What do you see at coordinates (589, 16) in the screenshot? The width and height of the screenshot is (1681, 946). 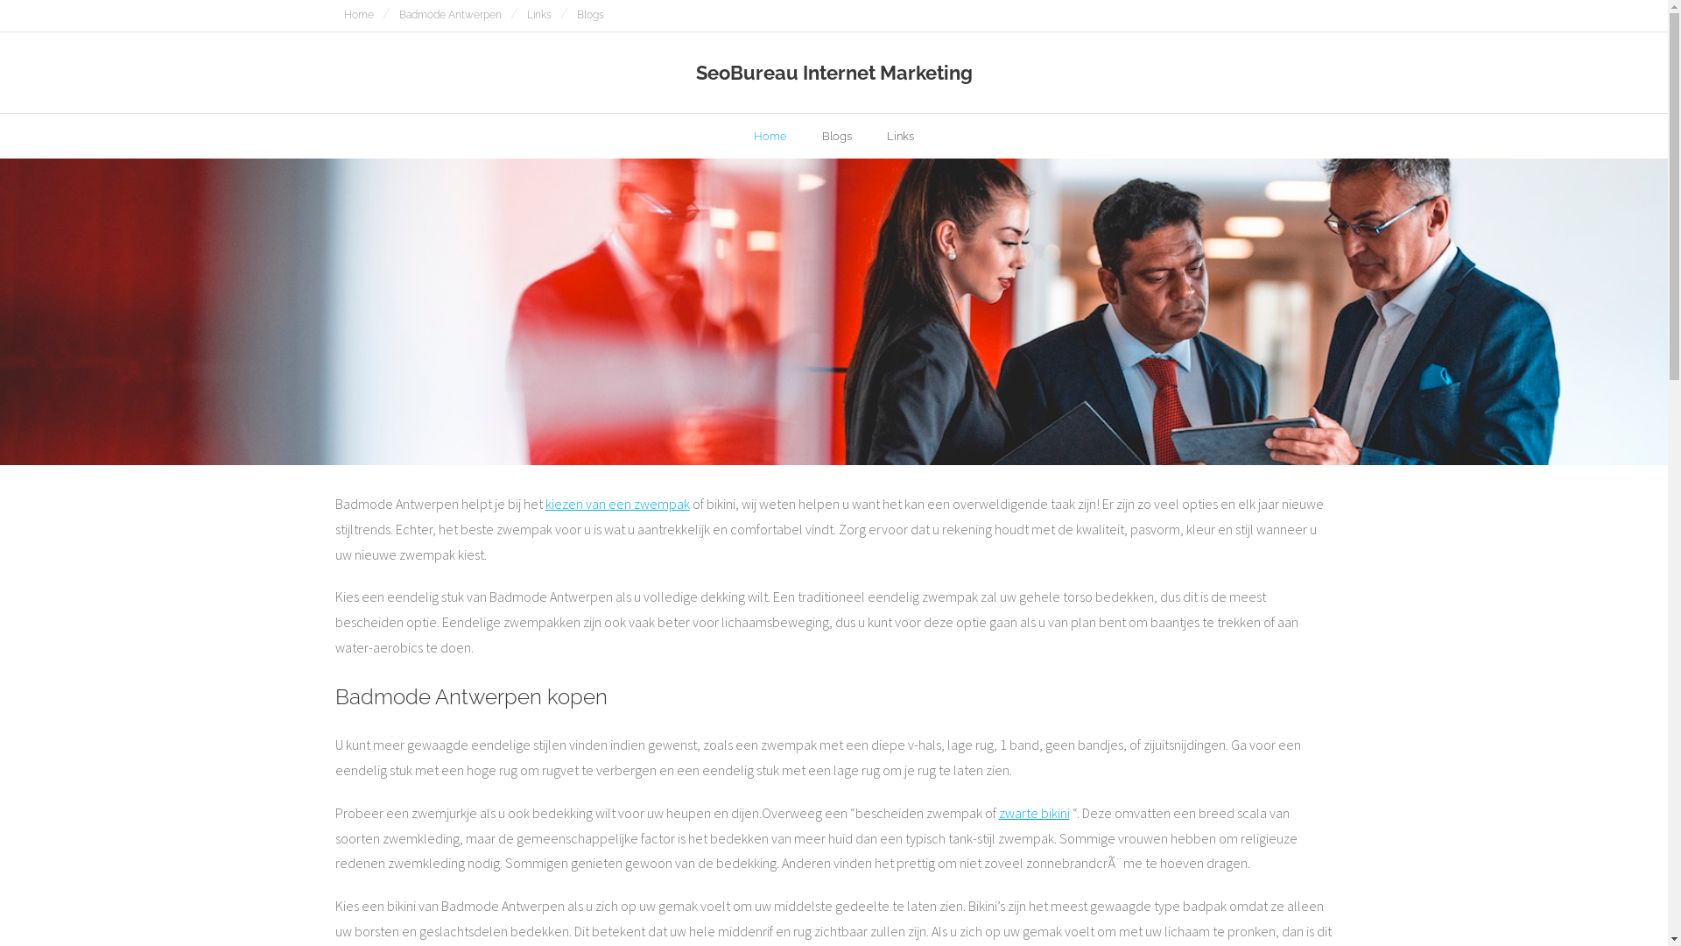 I see `'Blogs'` at bounding box center [589, 16].